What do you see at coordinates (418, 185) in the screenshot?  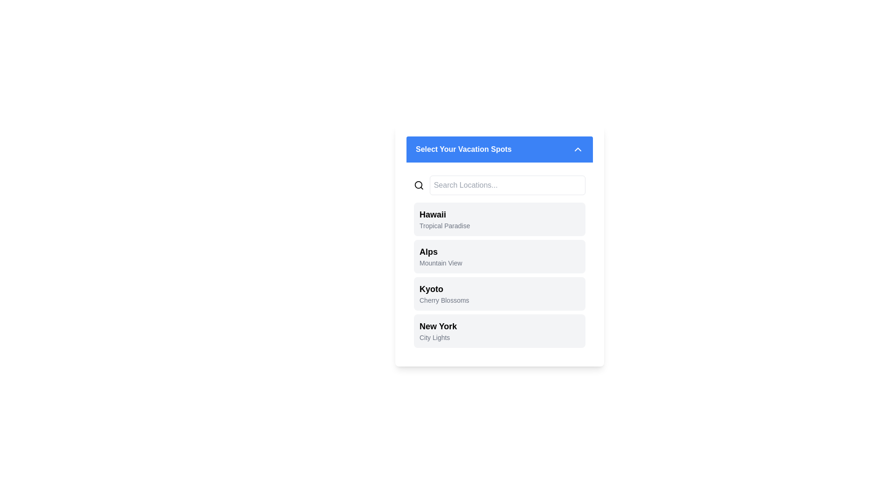 I see `the magnifying glass icon to interact with the search feature, located to the left of the text input field in the search interface` at bounding box center [418, 185].